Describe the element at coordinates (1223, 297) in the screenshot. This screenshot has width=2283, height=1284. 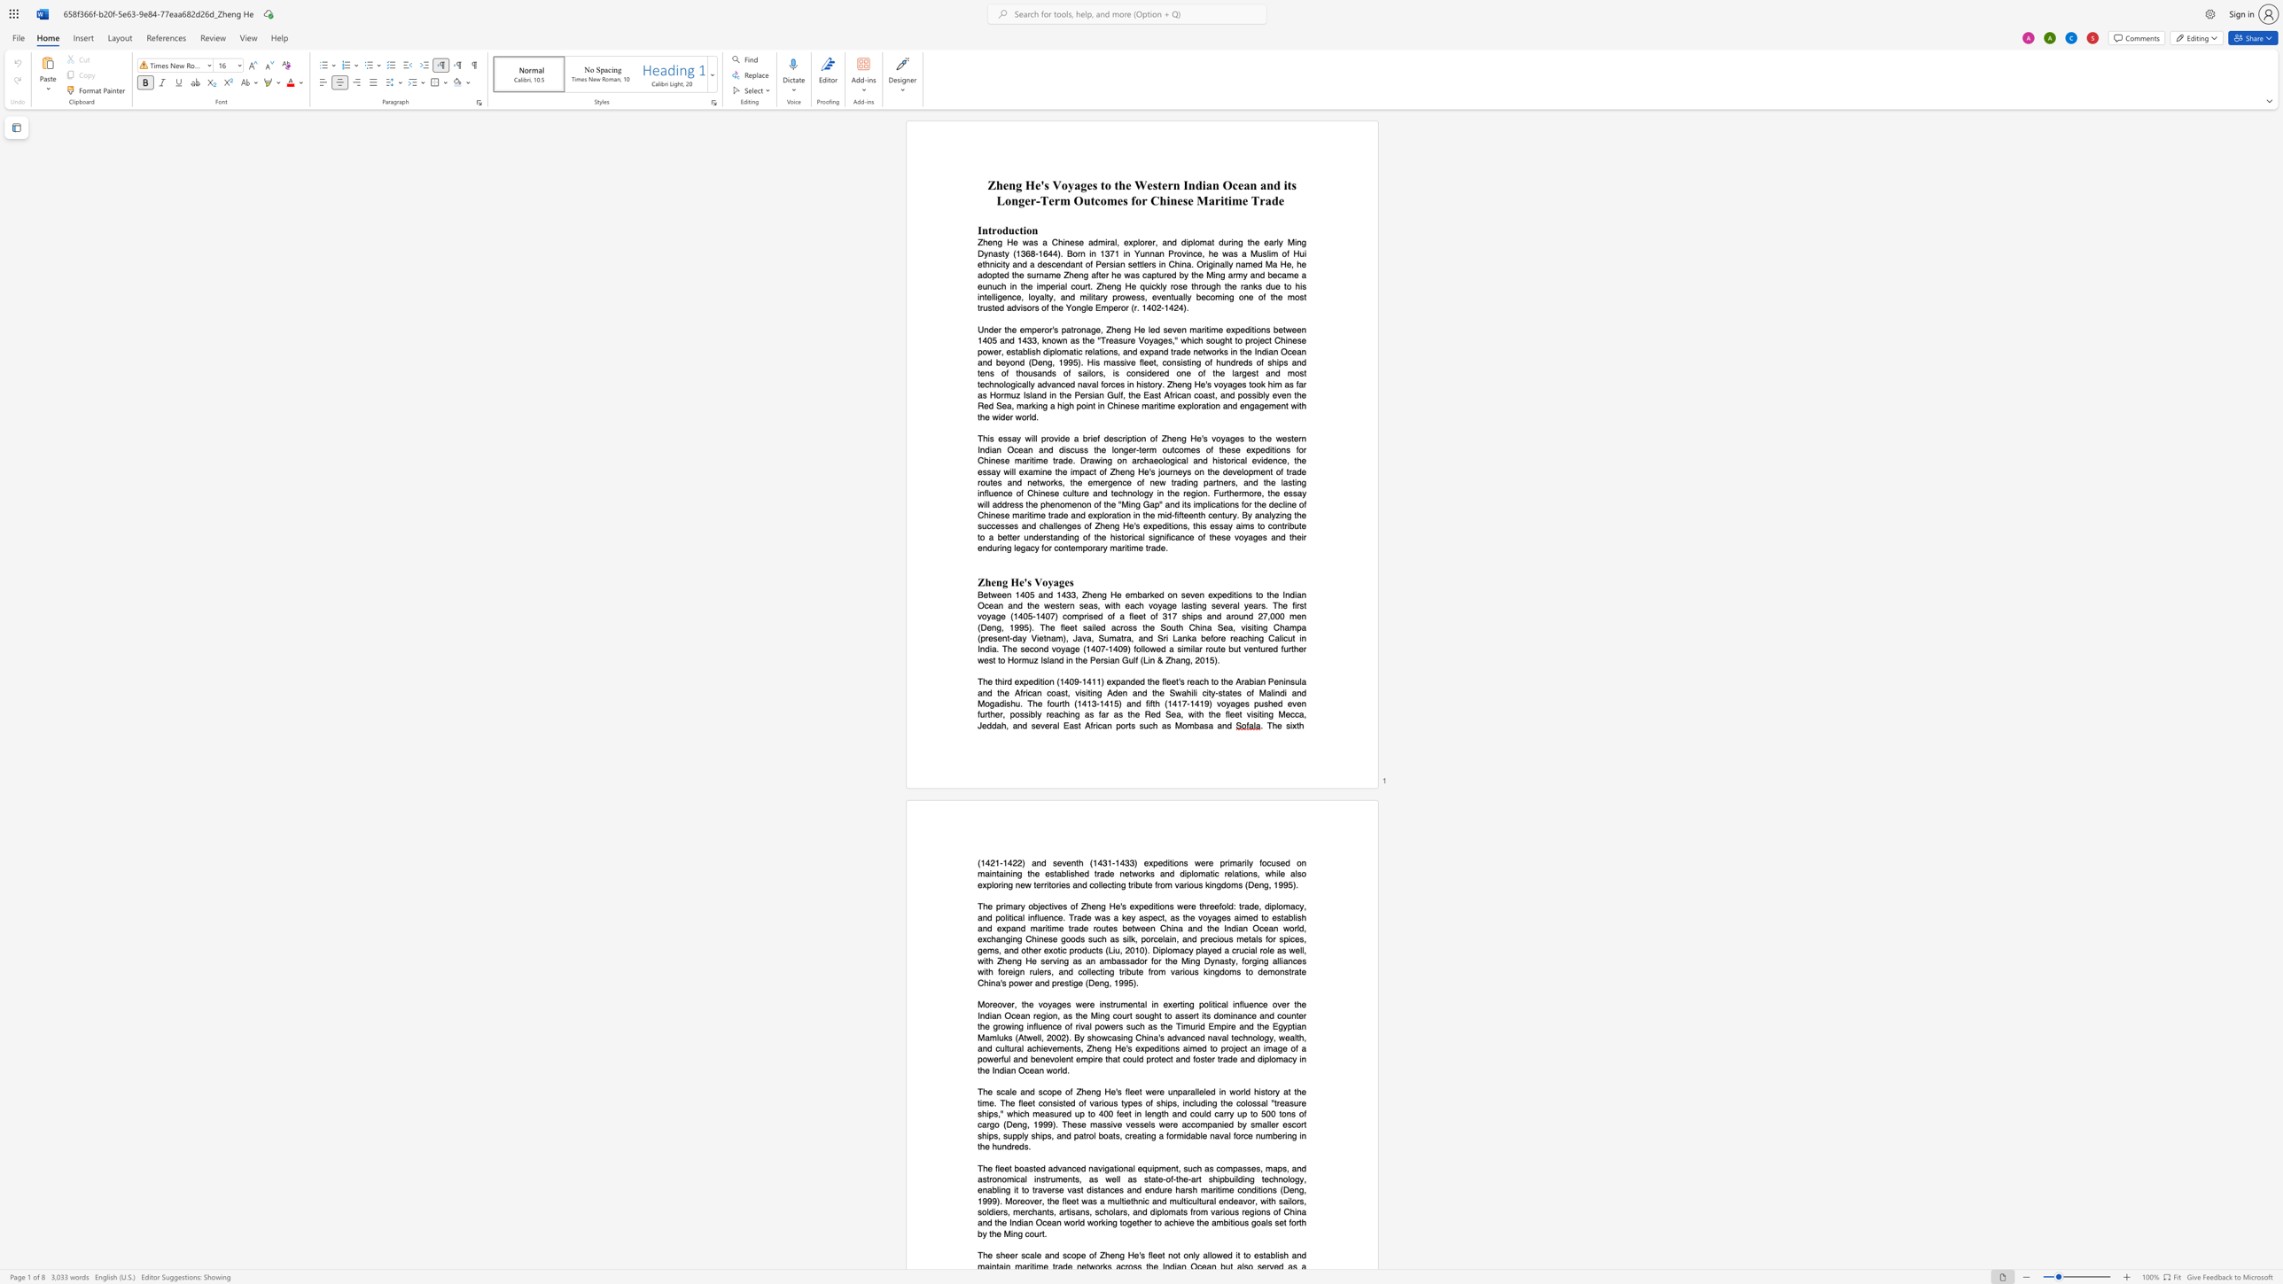
I see `the subset text "ng one of the most trusted advisors of th" within the text "Zheng He was a Chinese admiral, explorer, and diplomat during the early Ming Dynasty (1368-1644). Born in 1371 in Yunnan Province, he was a Muslim of Hui ethnicity and a descendant of Persian settlers in China. Originally named Ma He, he adopted the surname Zheng after he was captured by the Ming army and became a eunuch in the imperial court. Zheng He quickly rose through the ranks due to his intelligence, loyalty, and military prowess, eventually becoming one of the most trusted advisors of the Yongle Emperor (r. 1402-1424)."` at that location.